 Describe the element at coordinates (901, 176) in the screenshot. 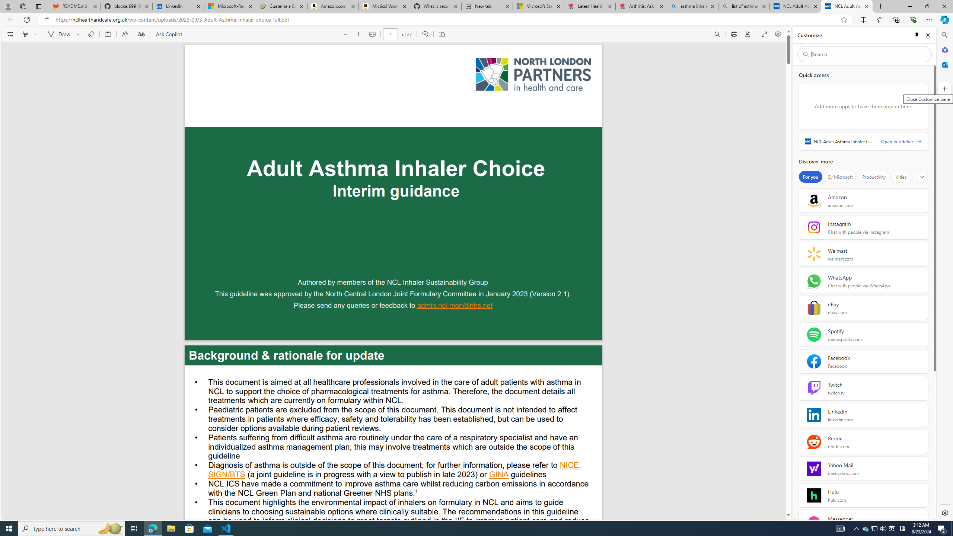

I see `'Video'` at that location.